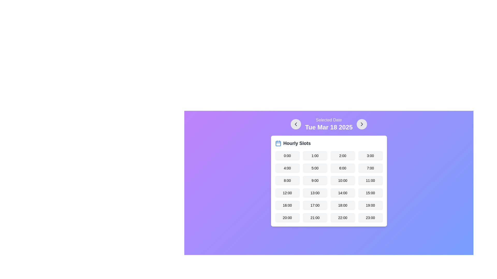 The width and height of the screenshot is (497, 279). What do you see at coordinates (287, 193) in the screenshot?
I see `the rectangular button labeled '12:00' located in the fourth row and first column of the hourly time slots grid` at bounding box center [287, 193].